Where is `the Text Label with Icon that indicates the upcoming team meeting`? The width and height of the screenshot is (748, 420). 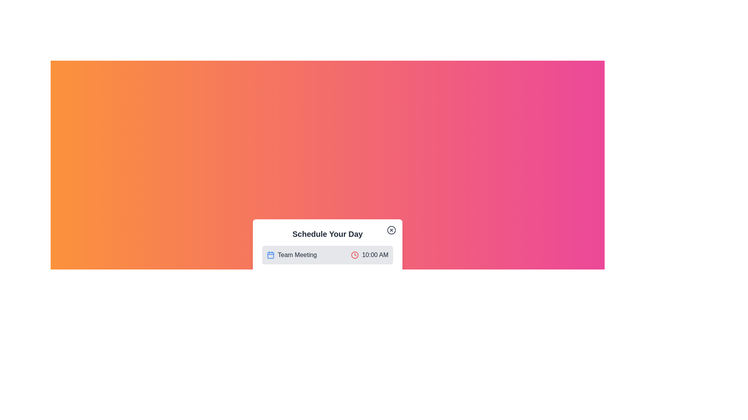 the Text Label with Icon that indicates the upcoming team meeting is located at coordinates (291, 255).